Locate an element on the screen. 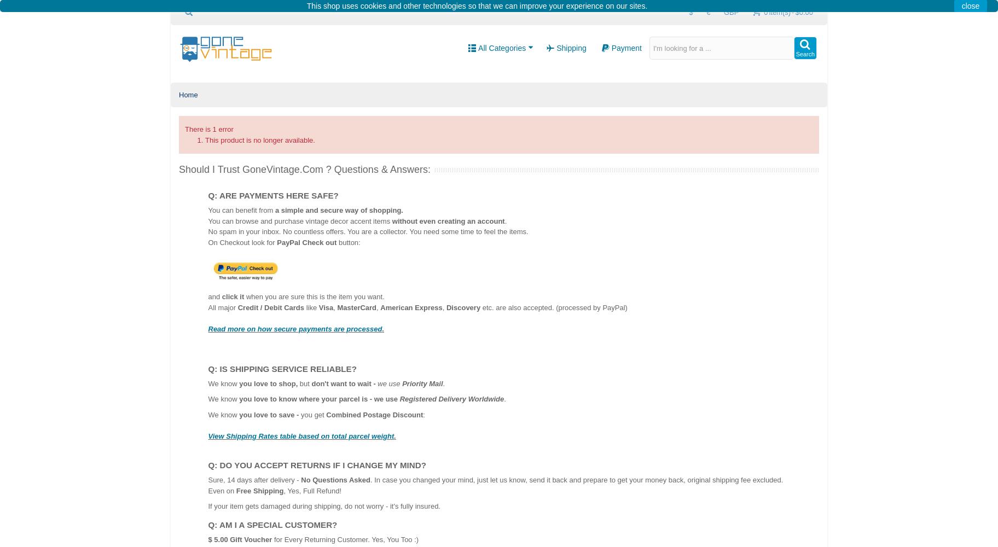 This screenshot has height=547, width=998. 'item(s)' is located at coordinates (768, 12).